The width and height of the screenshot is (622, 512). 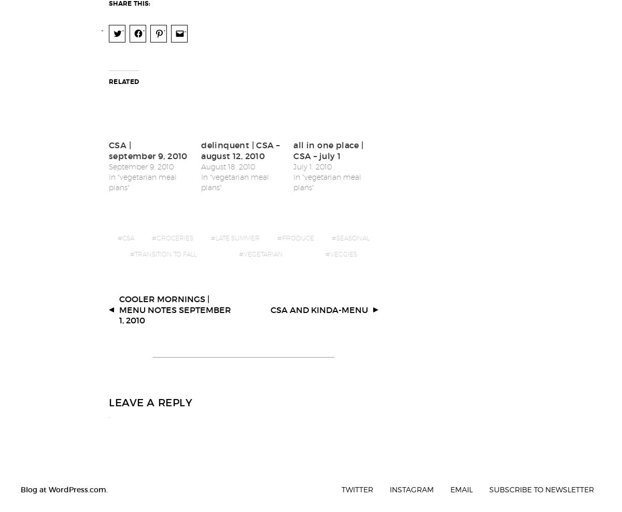 I want to click on 'CSA and kinda-menu', so click(x=319, y=302).